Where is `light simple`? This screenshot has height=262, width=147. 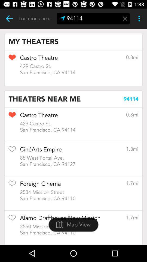
light simple is located at coordinates (9, 19).